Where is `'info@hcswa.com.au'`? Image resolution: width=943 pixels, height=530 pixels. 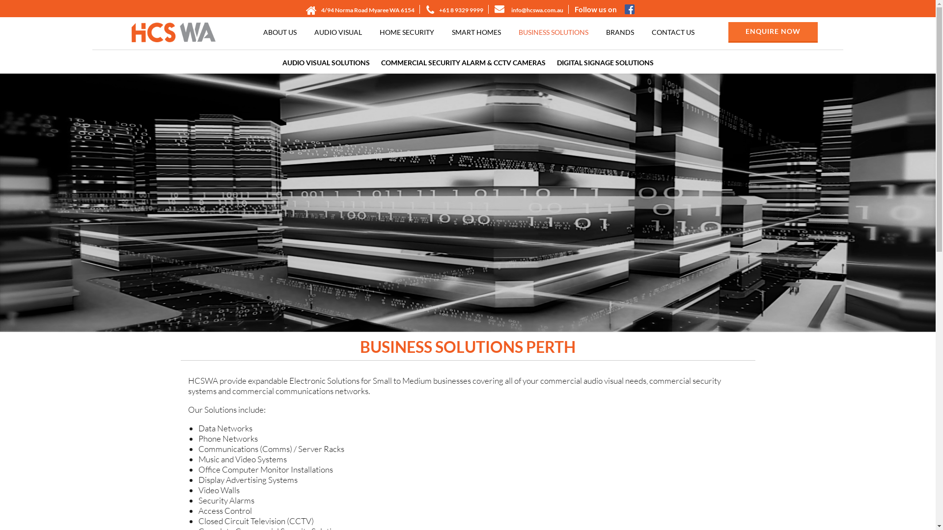 'info@hcswa.com.au' is located at coordinates (537, 10).